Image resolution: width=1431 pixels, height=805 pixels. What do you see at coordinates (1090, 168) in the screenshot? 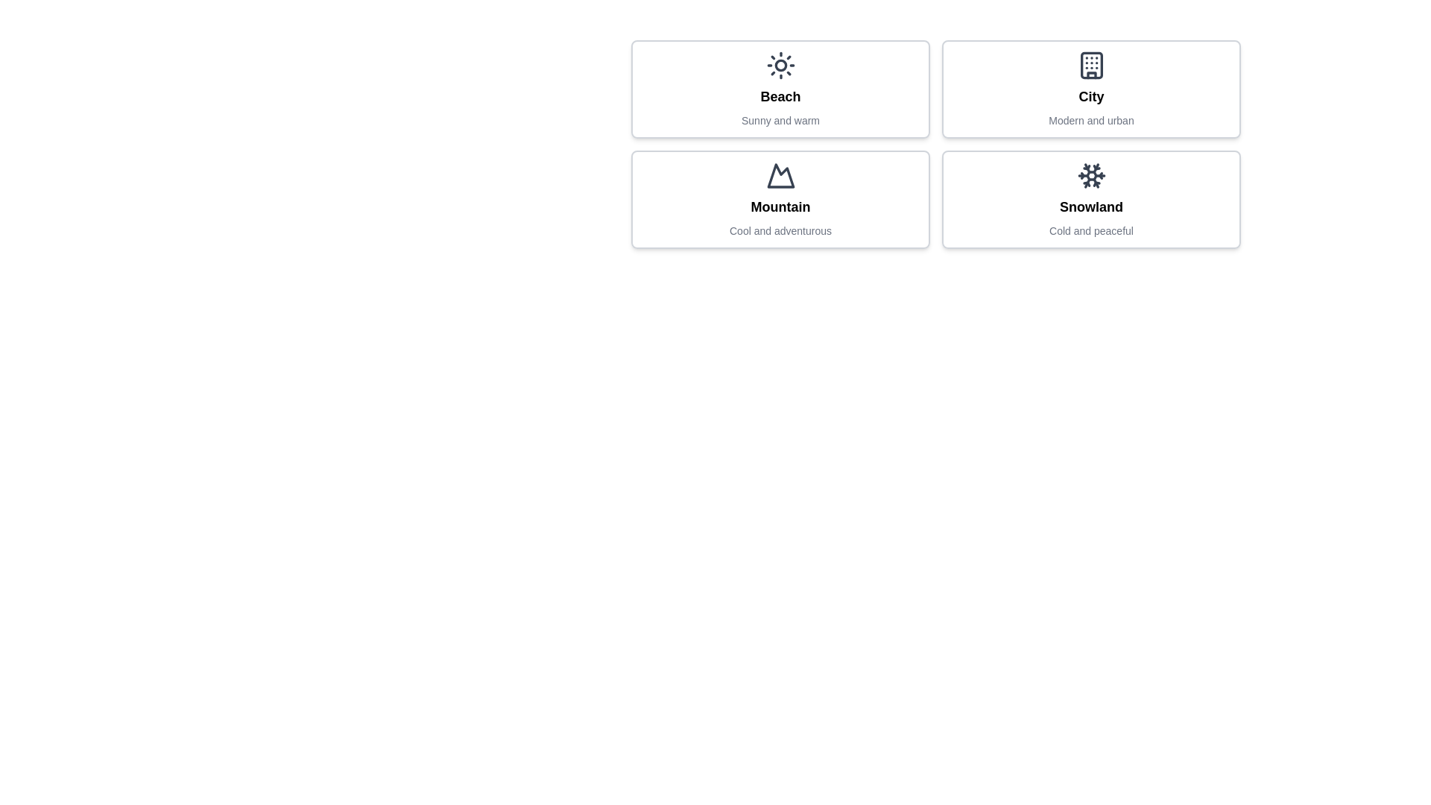
I see `the internal segment of the snowflake icon in the bottom-right panel labeled 'Snowland'` at bounding box center [1090, 168].